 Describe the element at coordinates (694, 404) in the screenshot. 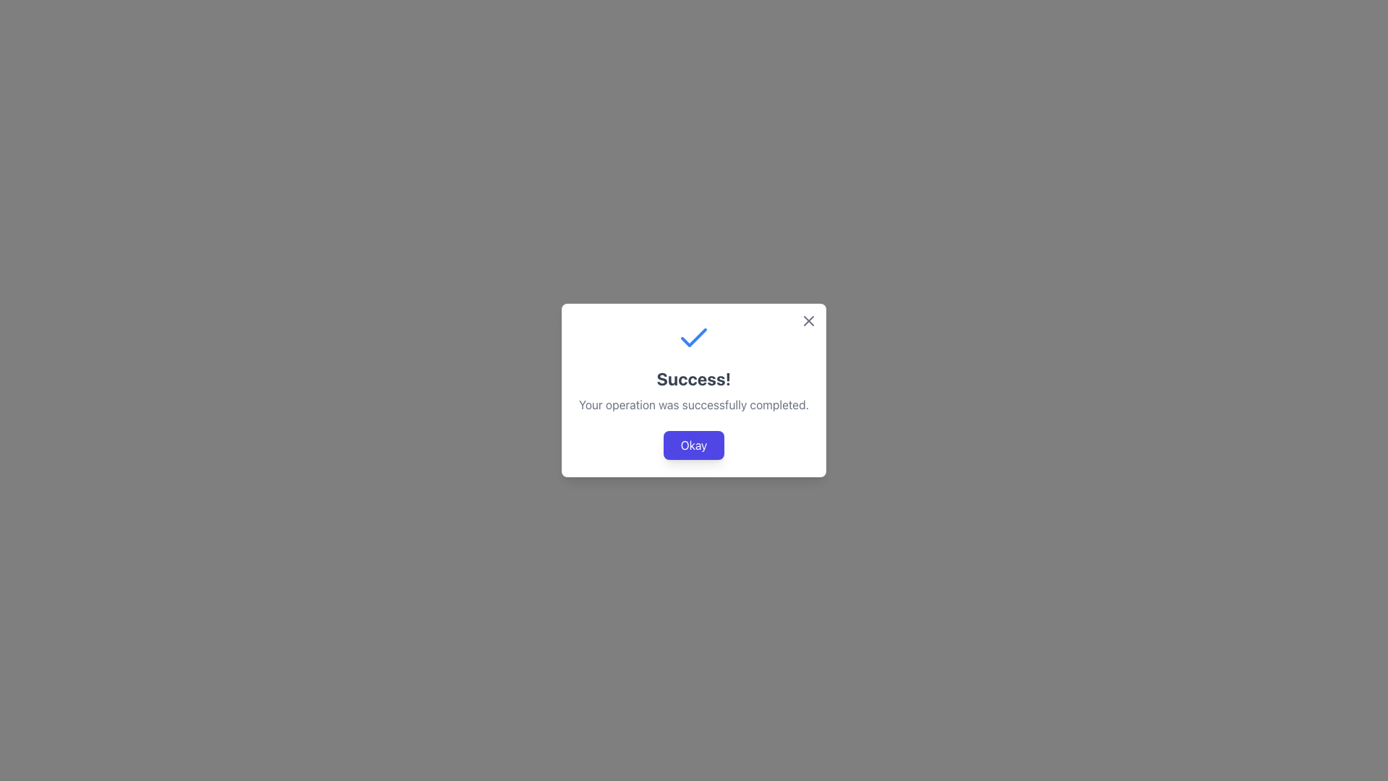

I see `static text message displaying 'Your operation was successfully completed.' which is styled in gray and positioned below the header 'Success!' in the modal dialog` at that location.